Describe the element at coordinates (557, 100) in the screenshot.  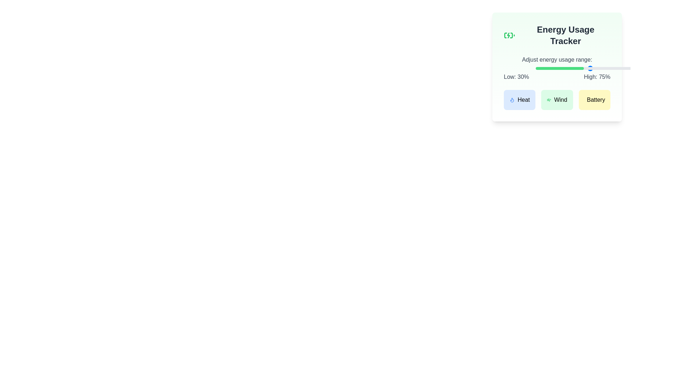
I see `the light green button labeled 'Wind' with a wind-related symbol` at that location.